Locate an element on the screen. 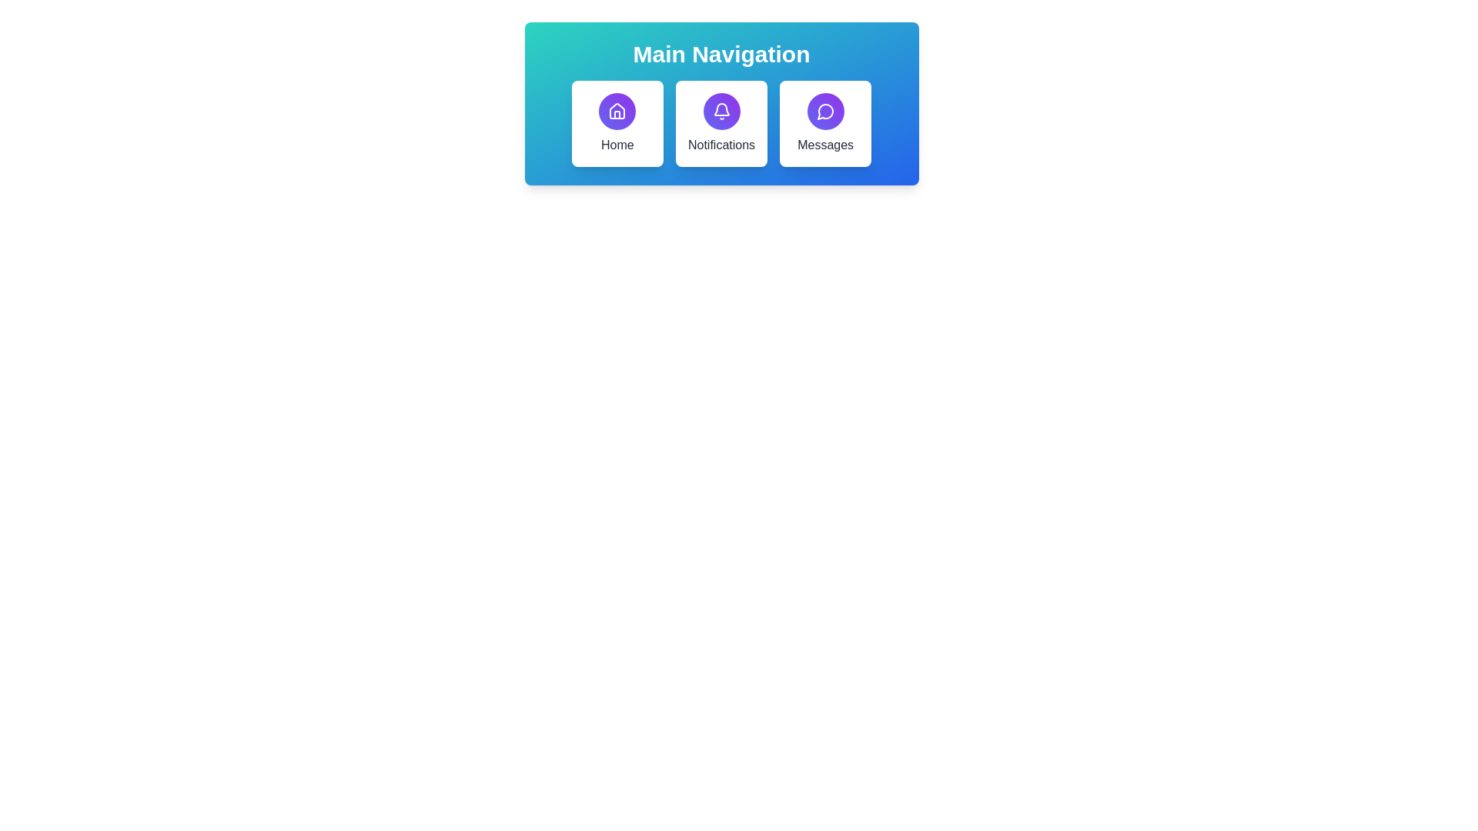 The height and width of the screenshot is (831, 1478). text label located at the top-center of the navigation section, which serves as a title for the surrounding content is located at coordinates (721, 53).